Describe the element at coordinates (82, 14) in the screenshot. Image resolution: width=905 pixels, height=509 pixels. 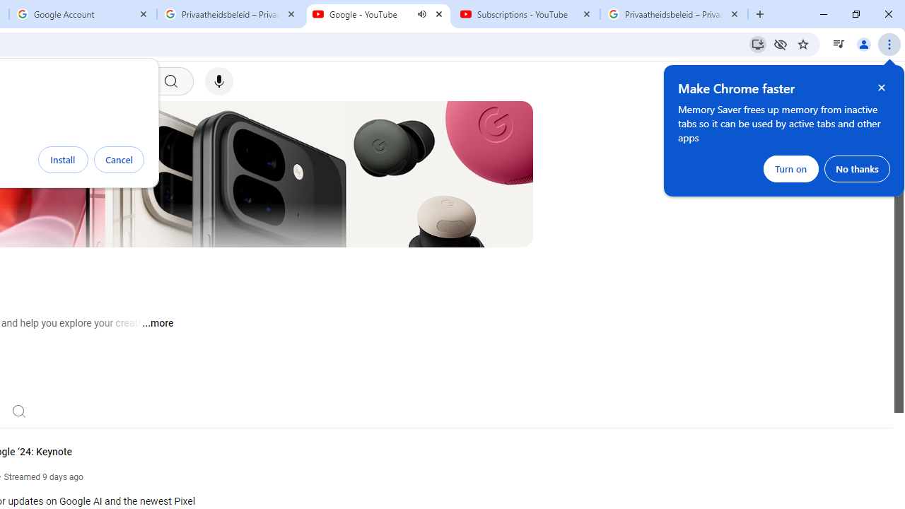
I see `'Google Account'` at that location.